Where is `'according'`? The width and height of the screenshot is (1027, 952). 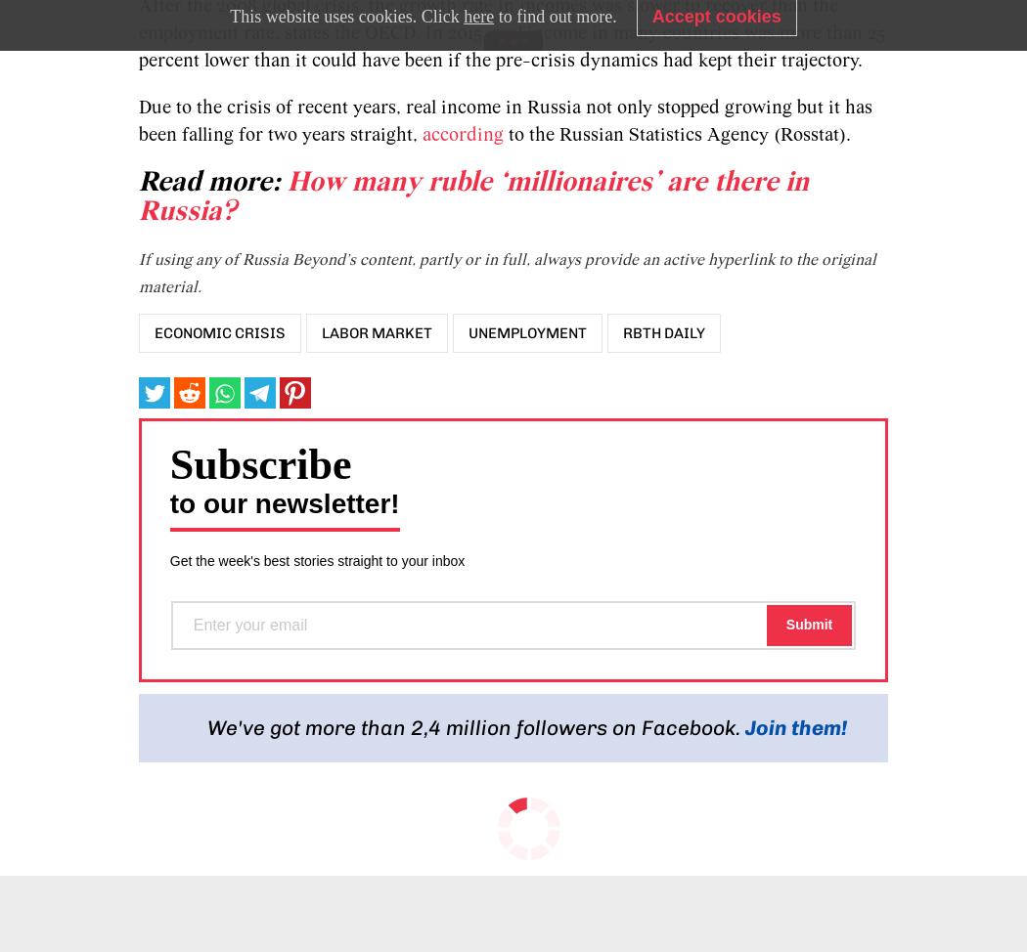 'according' is located at coordinates (462, 134).